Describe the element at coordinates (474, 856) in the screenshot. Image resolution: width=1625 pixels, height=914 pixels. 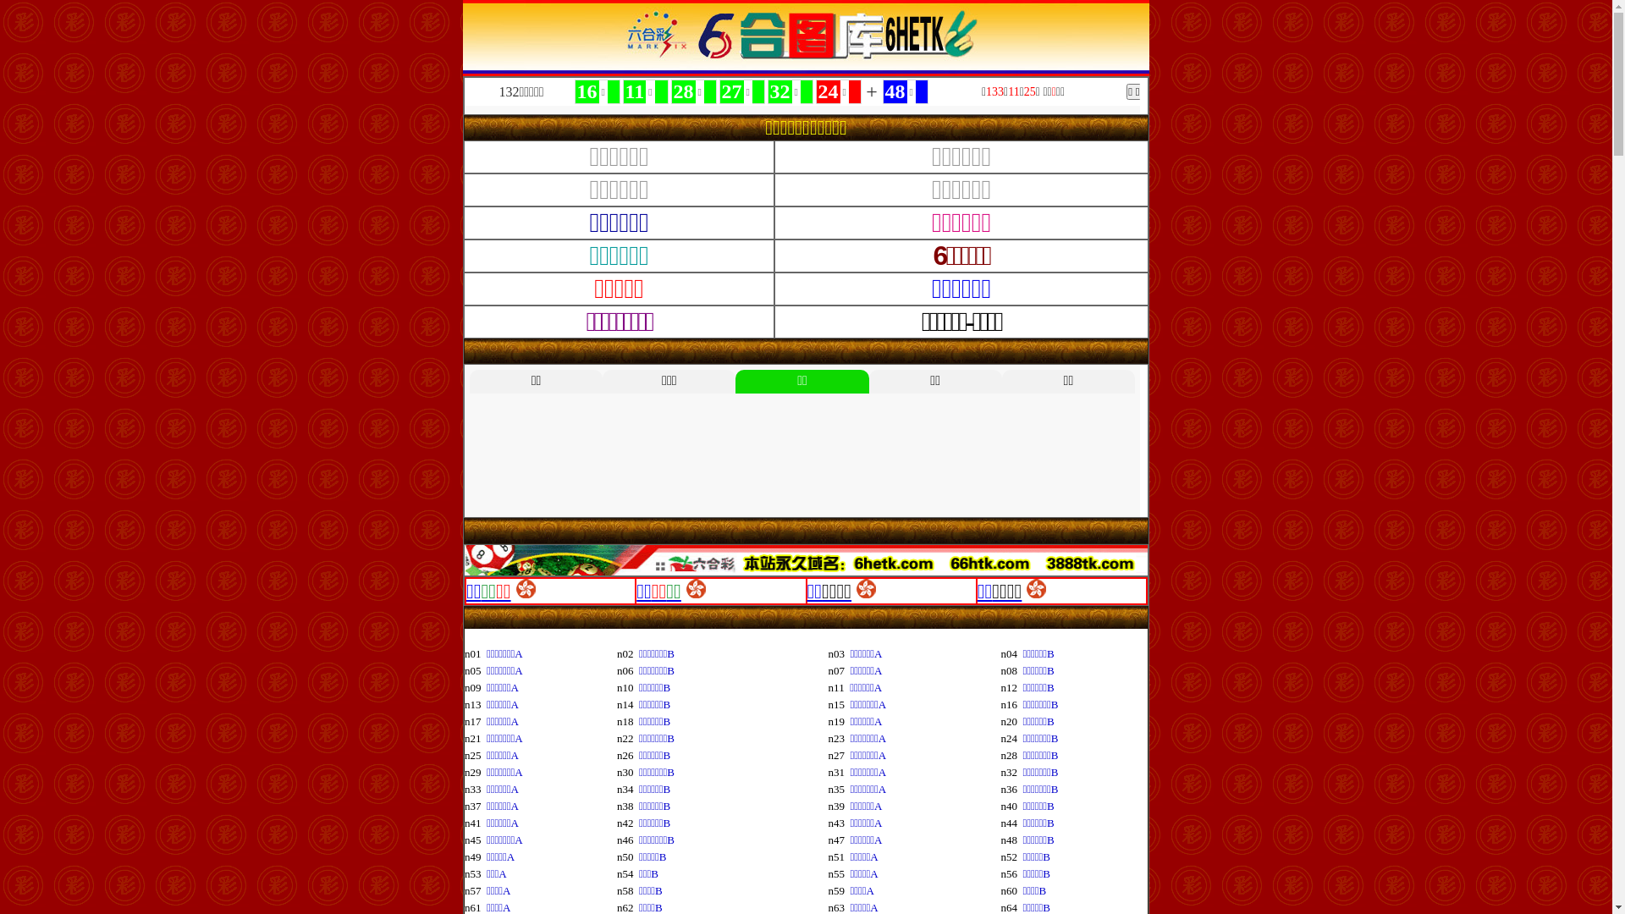
I see `'n49 '` at that location.